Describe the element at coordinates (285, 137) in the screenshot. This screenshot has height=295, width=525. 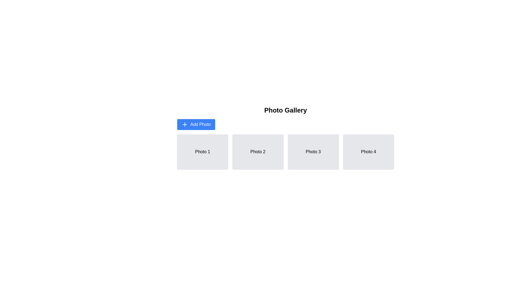
I see `the individual photo areas within the photo management section located below the 'Photo Gallery' text and 'Add Photo' button` at that location.